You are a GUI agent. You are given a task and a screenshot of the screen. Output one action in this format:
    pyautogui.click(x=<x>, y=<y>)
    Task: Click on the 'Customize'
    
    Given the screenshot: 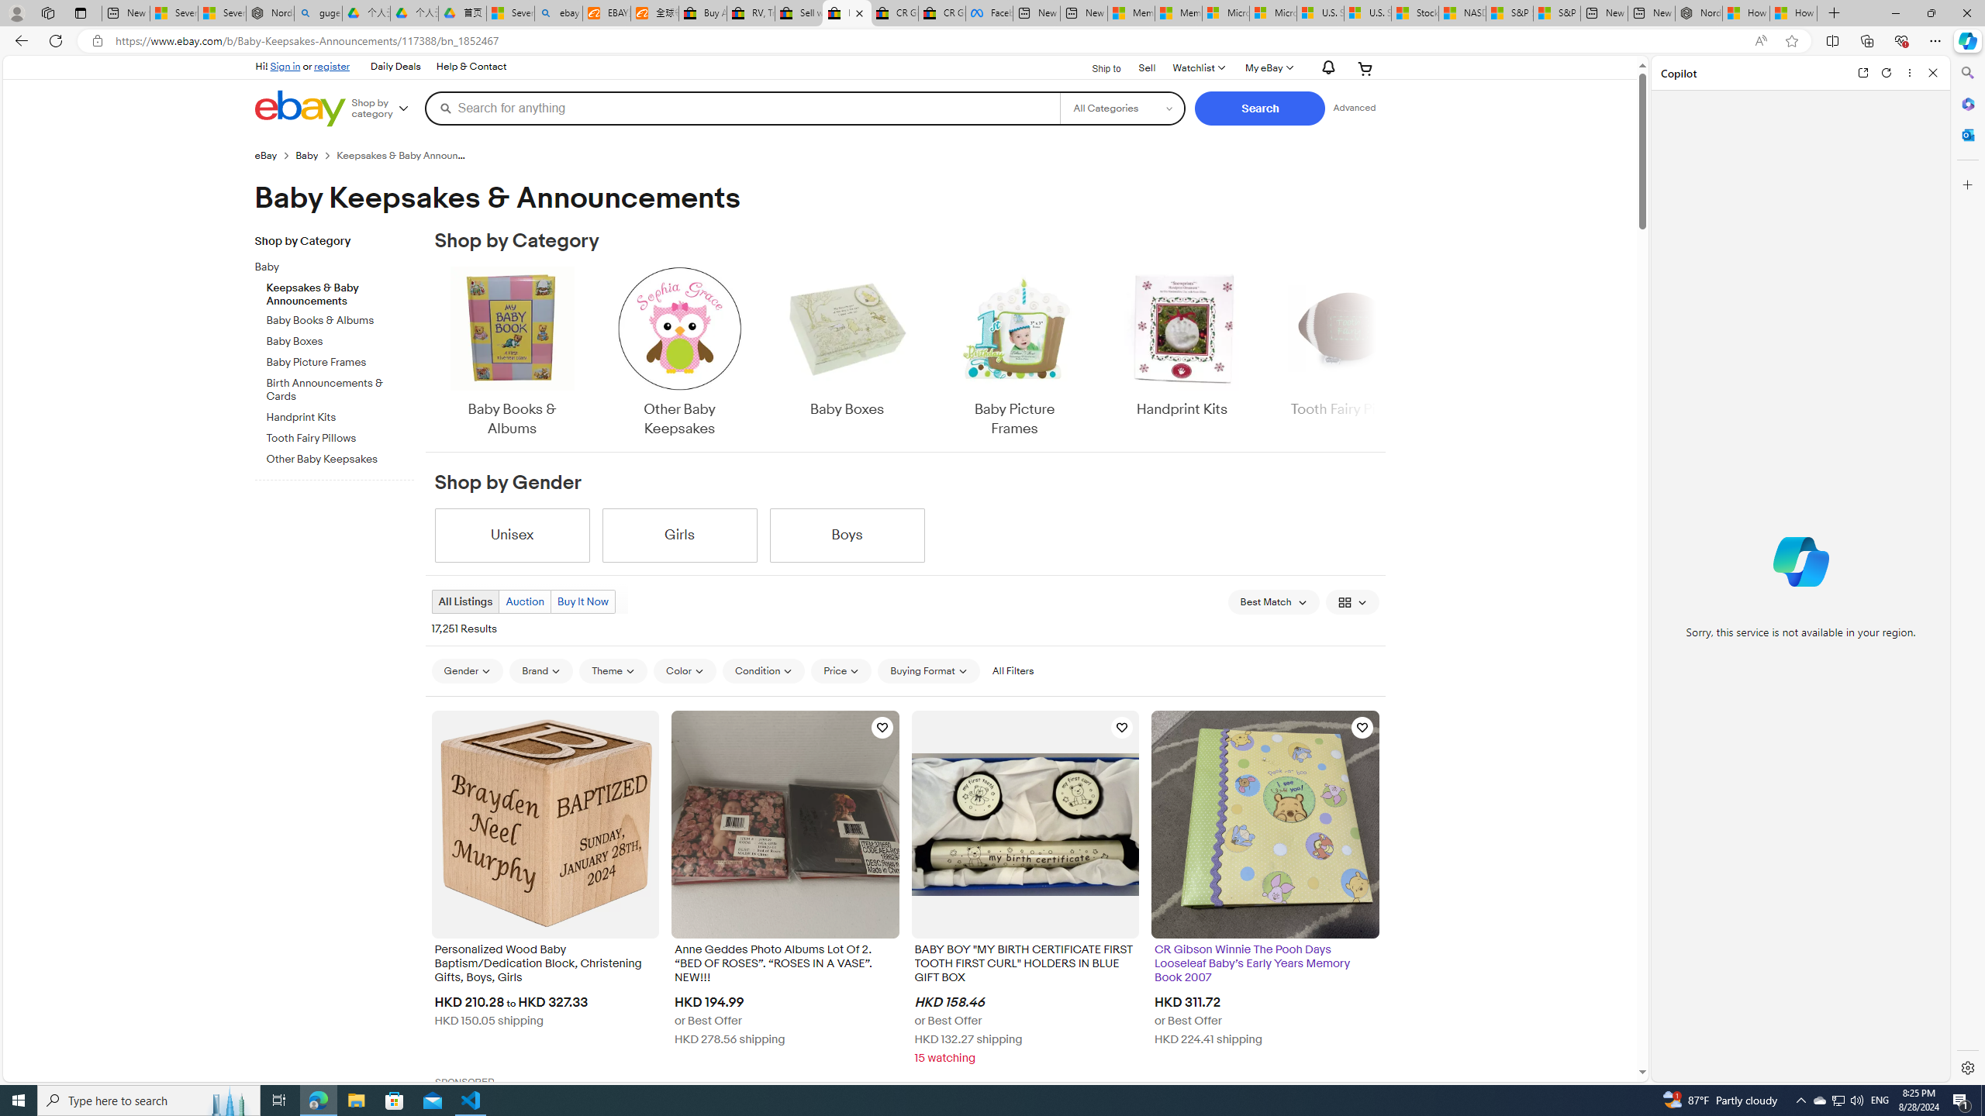 What is the action you would take?
    pyautogui.click(x=1966, y=184)
    